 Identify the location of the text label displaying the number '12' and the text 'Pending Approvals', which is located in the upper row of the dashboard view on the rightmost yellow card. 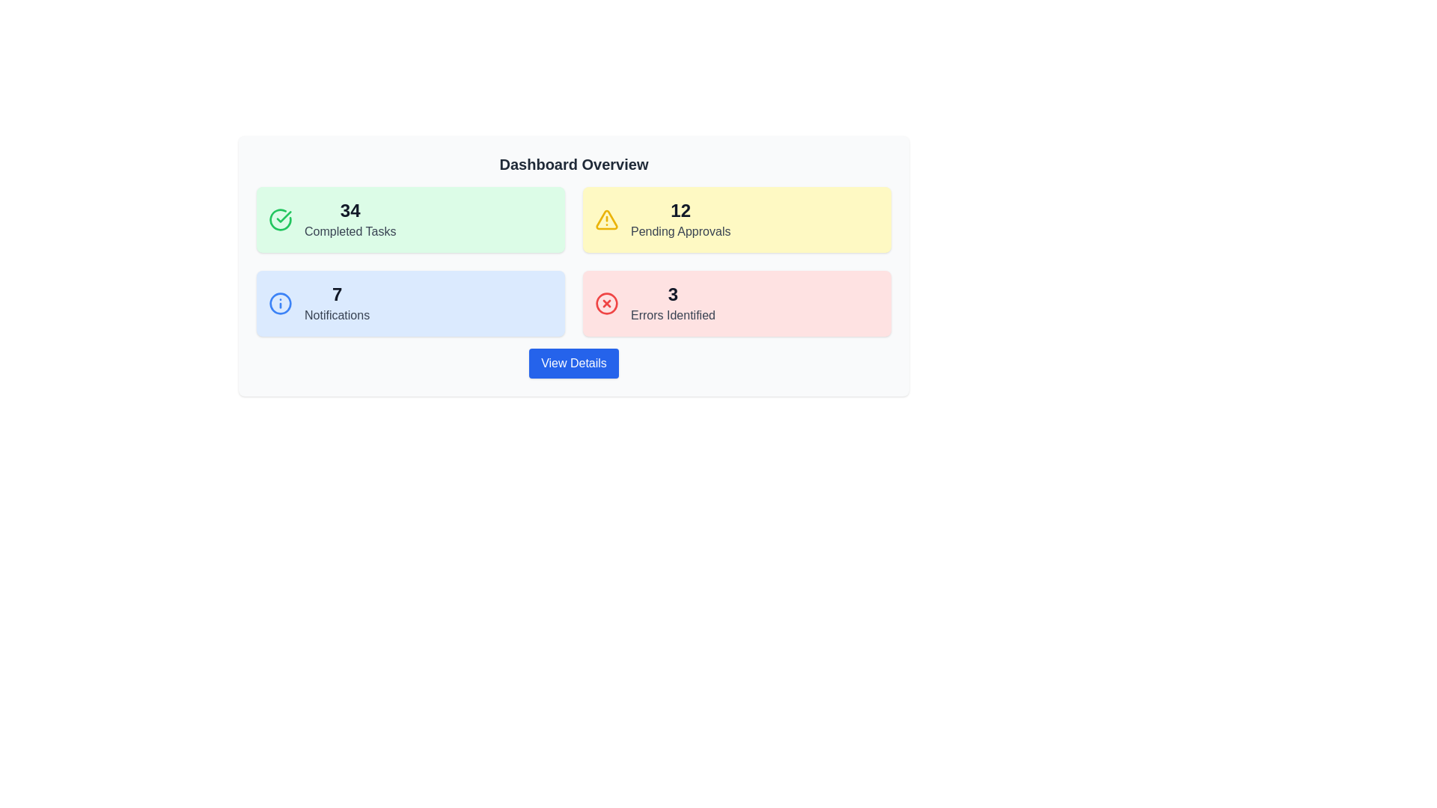
(680, 219).